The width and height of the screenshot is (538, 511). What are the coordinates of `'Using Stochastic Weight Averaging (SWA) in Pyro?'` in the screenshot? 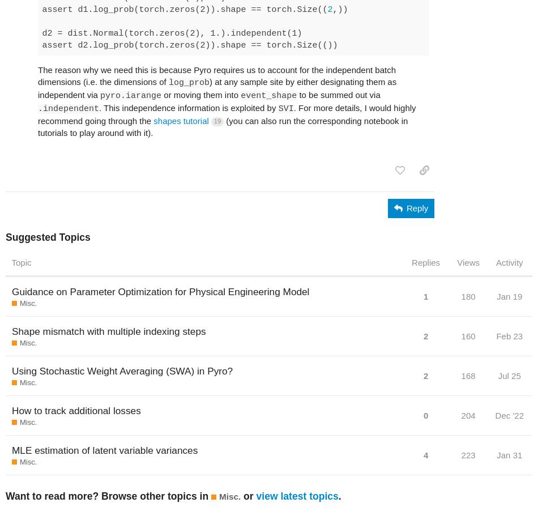 It's located at (122, 370).